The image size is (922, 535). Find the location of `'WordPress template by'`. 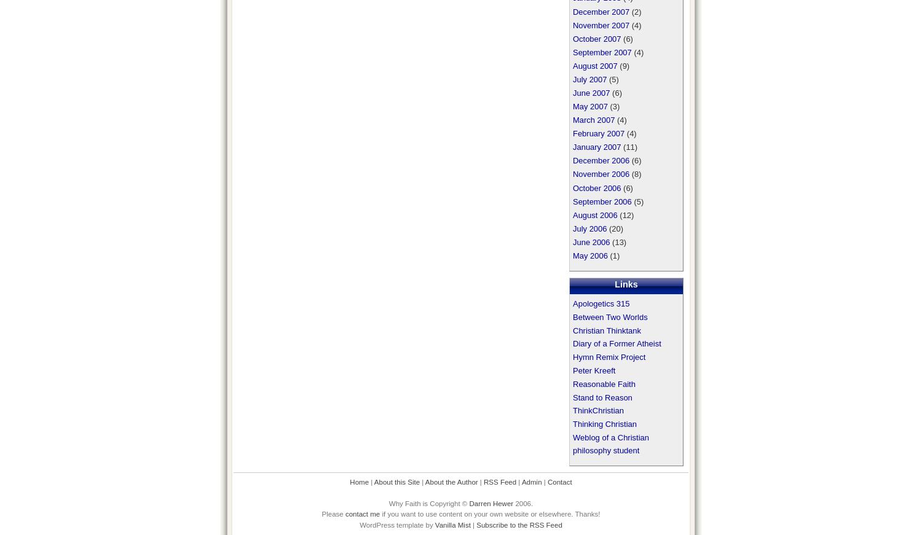

'WordPress template by' is located at coordinates (397, 525).